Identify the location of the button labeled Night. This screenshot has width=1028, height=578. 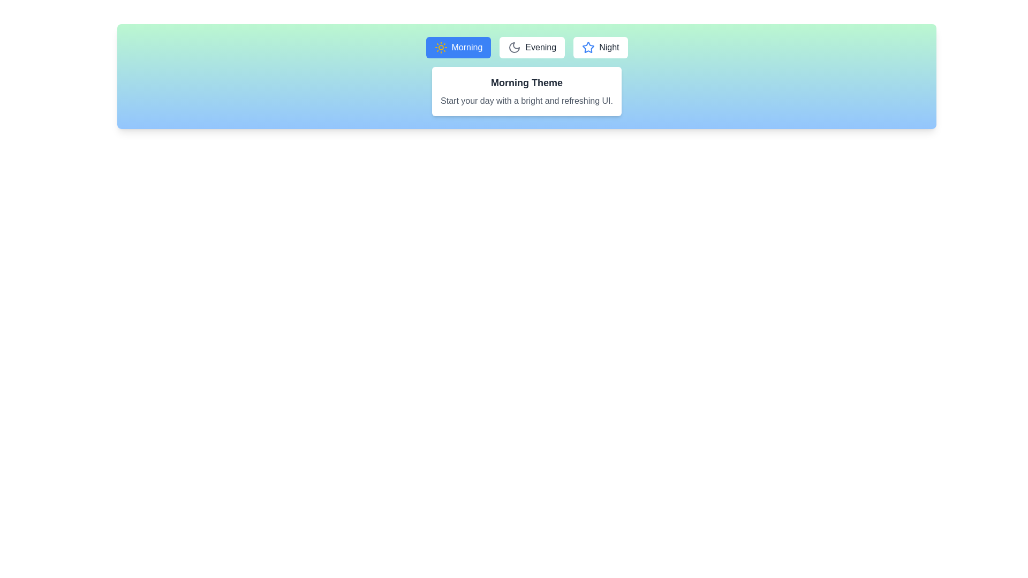
(600, 47).